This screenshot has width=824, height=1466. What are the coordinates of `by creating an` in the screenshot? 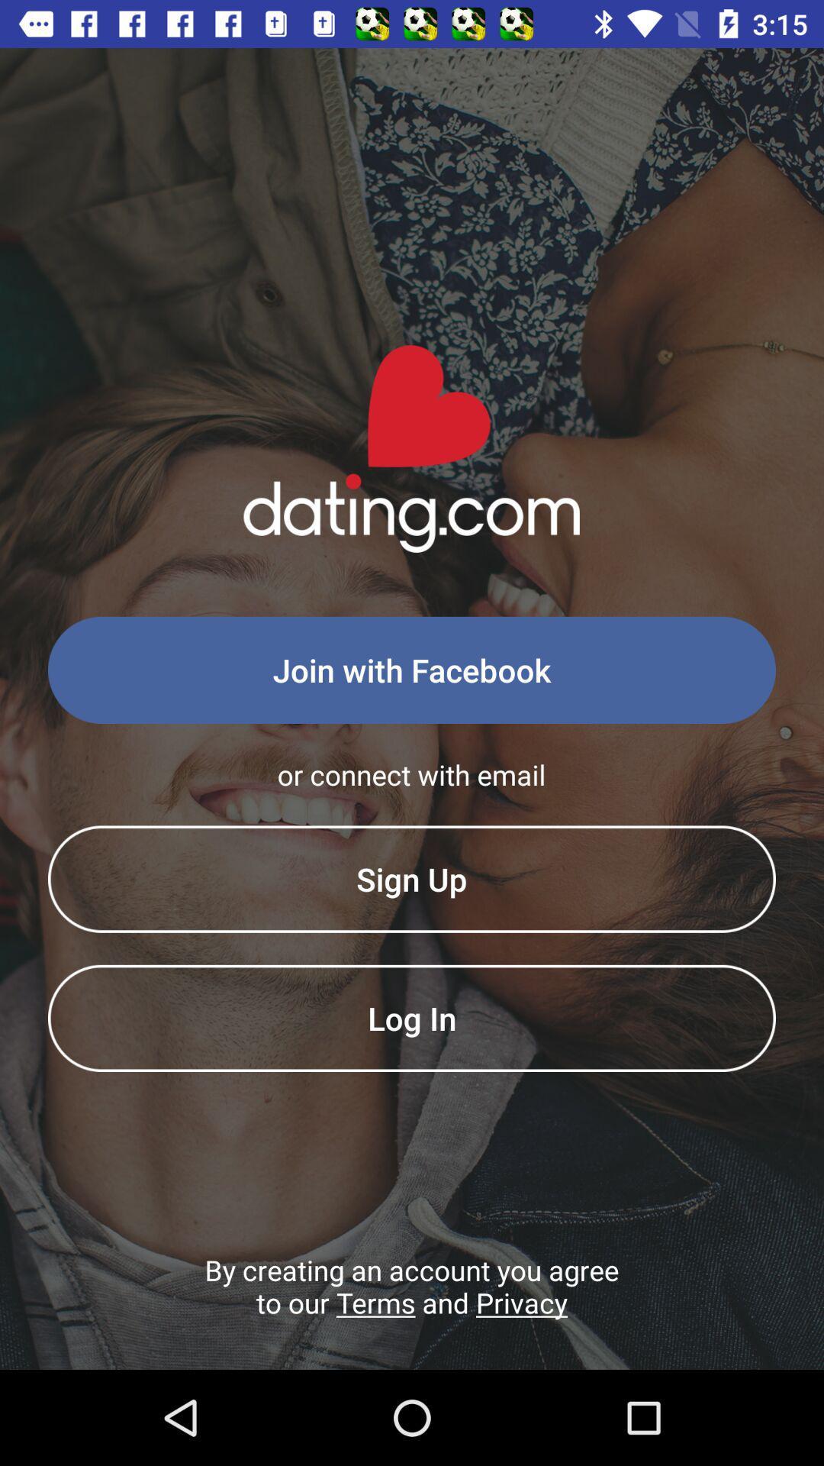 It's located at (412, 1309).